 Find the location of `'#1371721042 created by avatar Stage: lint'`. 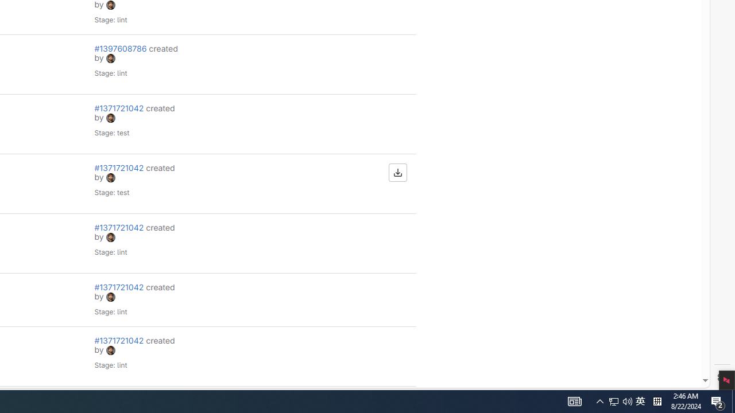

'#1371721042 created by avatar Stage: lint' is located at coordinates (140, 356).